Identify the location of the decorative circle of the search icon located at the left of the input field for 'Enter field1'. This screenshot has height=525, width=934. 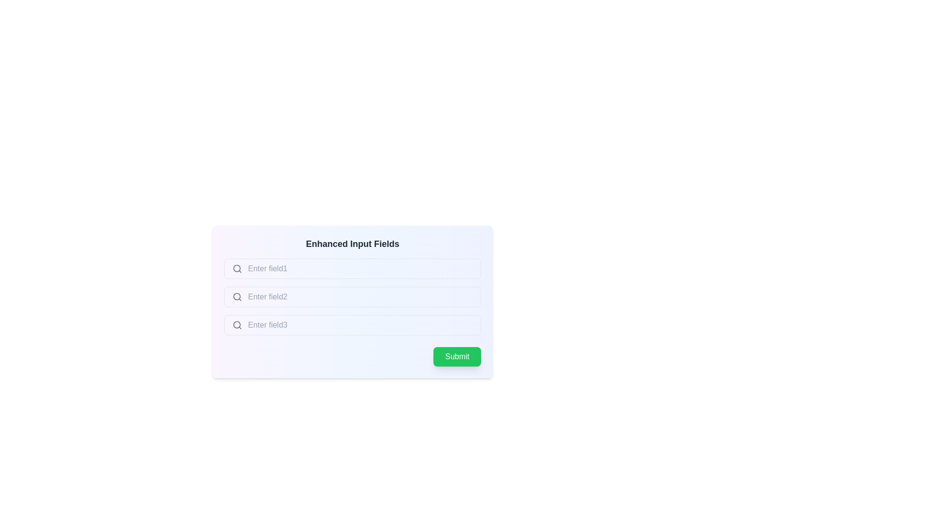
(237, 268).